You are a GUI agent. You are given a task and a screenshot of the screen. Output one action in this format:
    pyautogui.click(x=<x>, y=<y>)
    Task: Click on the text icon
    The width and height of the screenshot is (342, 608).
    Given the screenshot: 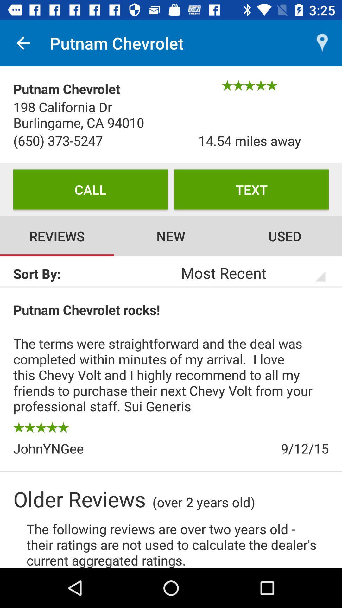 What is the action you would take?
    pyautogui.click(x=251, y=189)
    